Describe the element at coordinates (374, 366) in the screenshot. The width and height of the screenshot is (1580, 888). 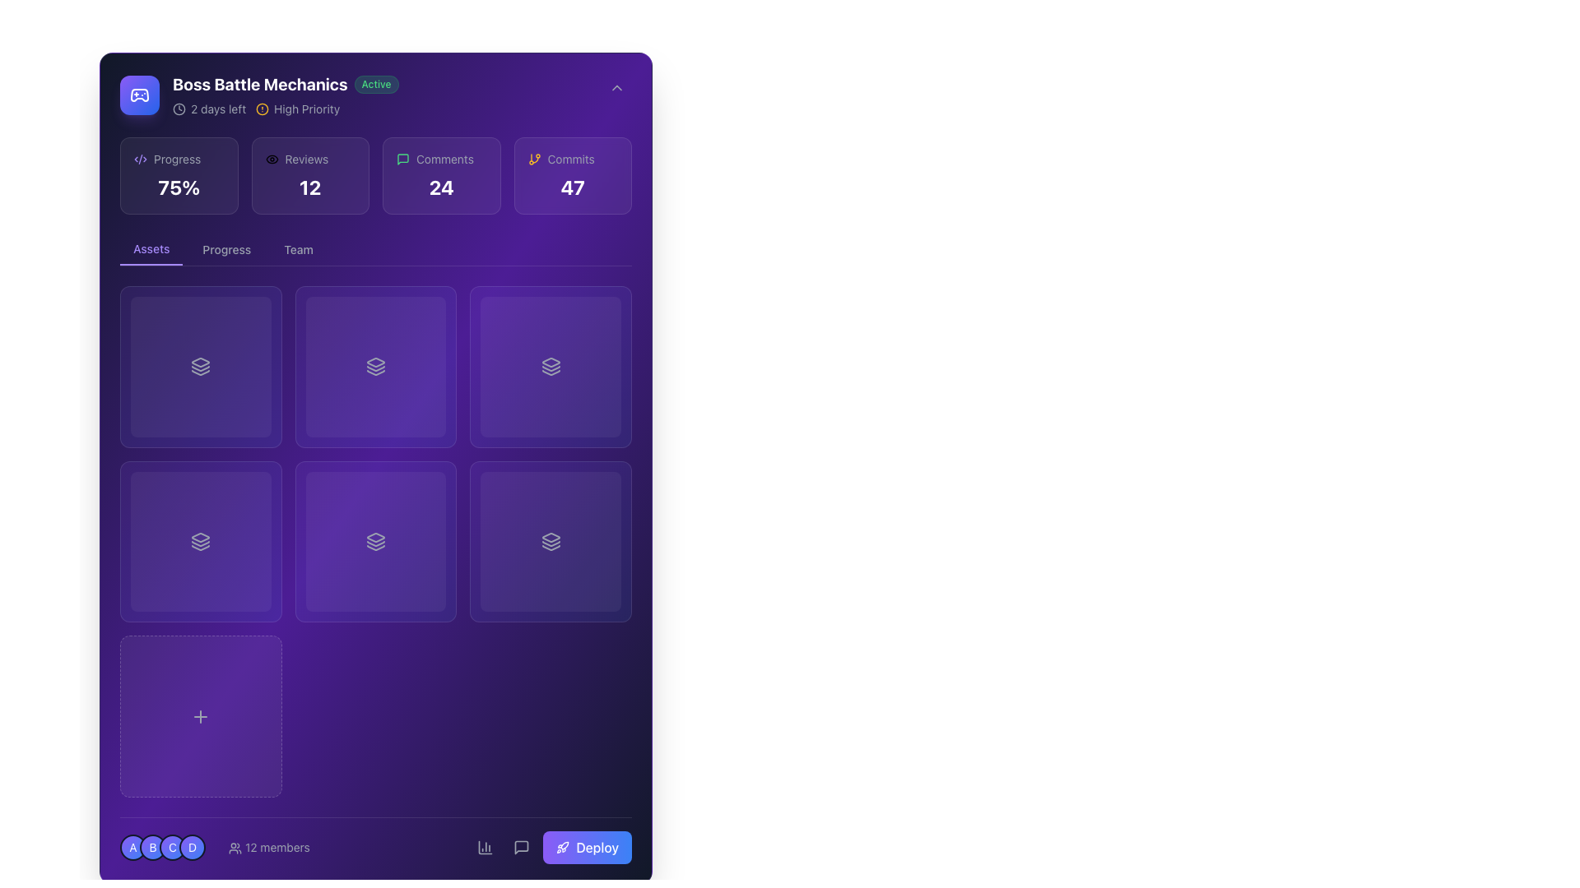
I see `the light gray stack-like icon with three layered rectangles located in the 'Assets' section, specifically in the second cell of the top row of the grid` at that location.